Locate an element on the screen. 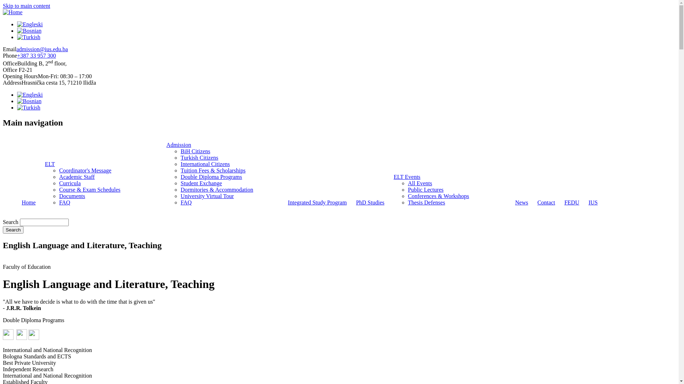  'Admission' is located at coordinates (178, 144).